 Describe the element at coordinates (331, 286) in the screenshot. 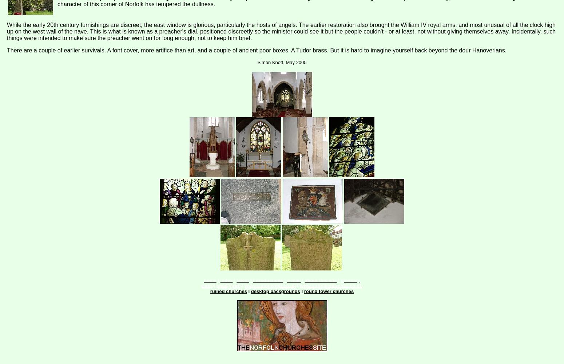

I see `'www.suffolkchurches.co.uk'` at that location.